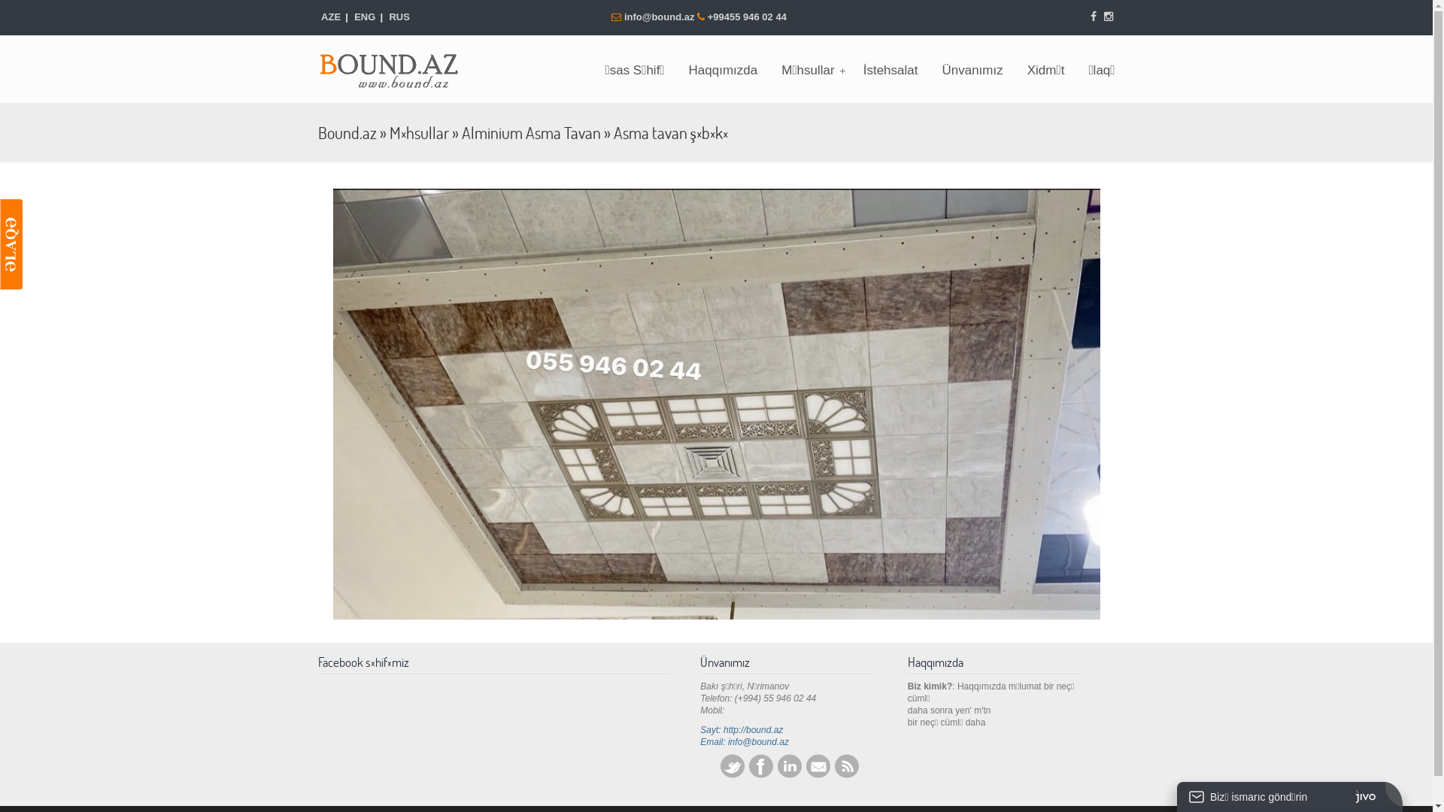  I want to click on '+99455 946 02 44', so click(747, 17).